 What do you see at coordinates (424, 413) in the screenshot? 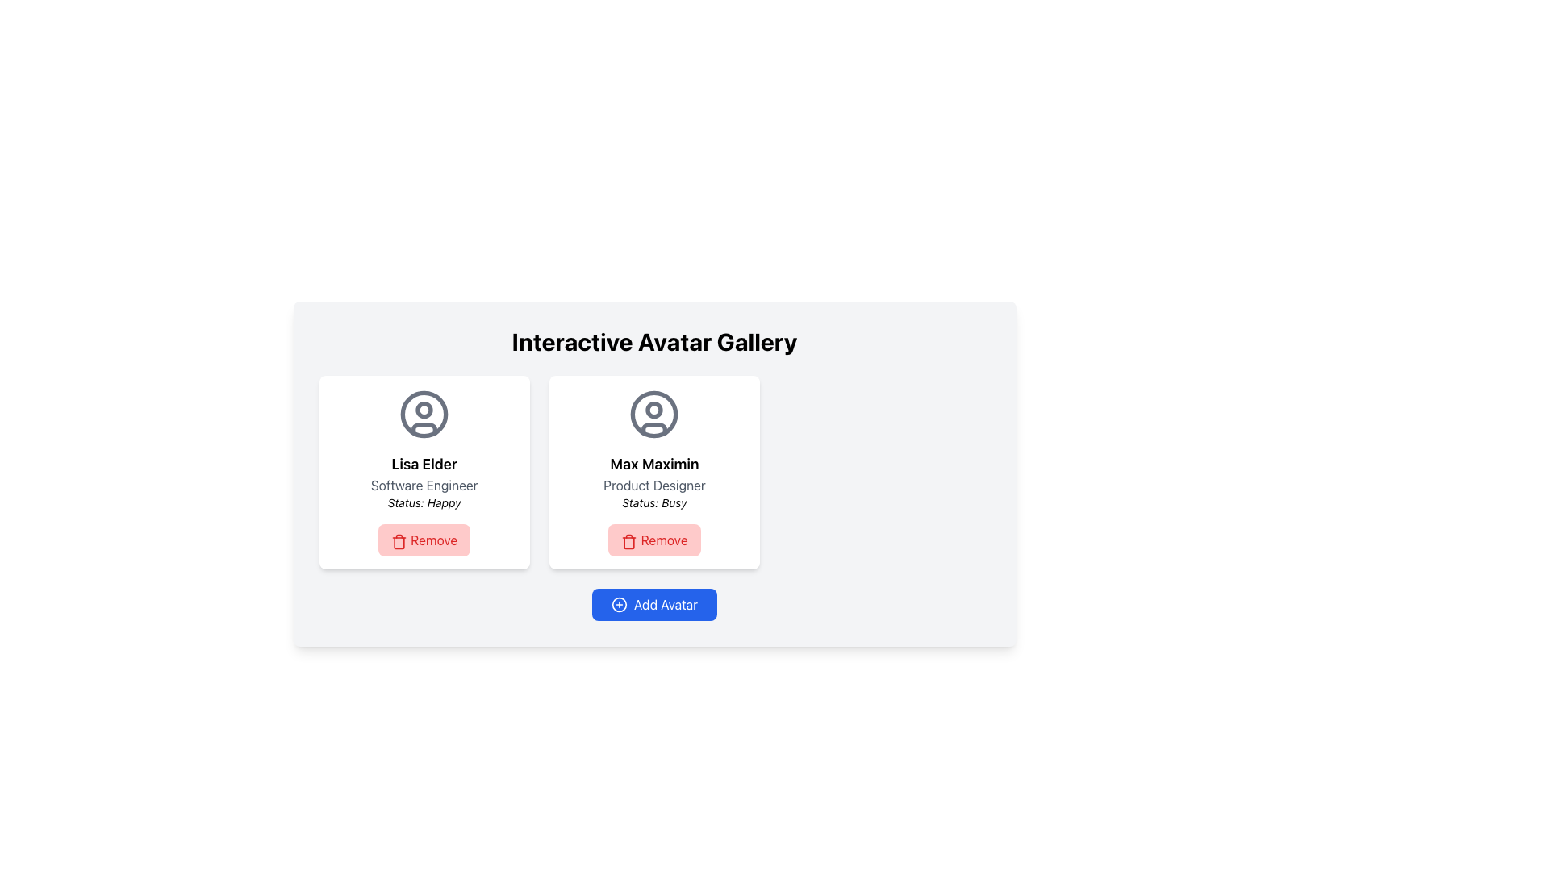
I see `the circular graphical component located at the center of the avatar icon in the leftmost user card titled 'Lisa Elder', positioned above the text and the 'Remove' button` at bounding box center [424, 413].